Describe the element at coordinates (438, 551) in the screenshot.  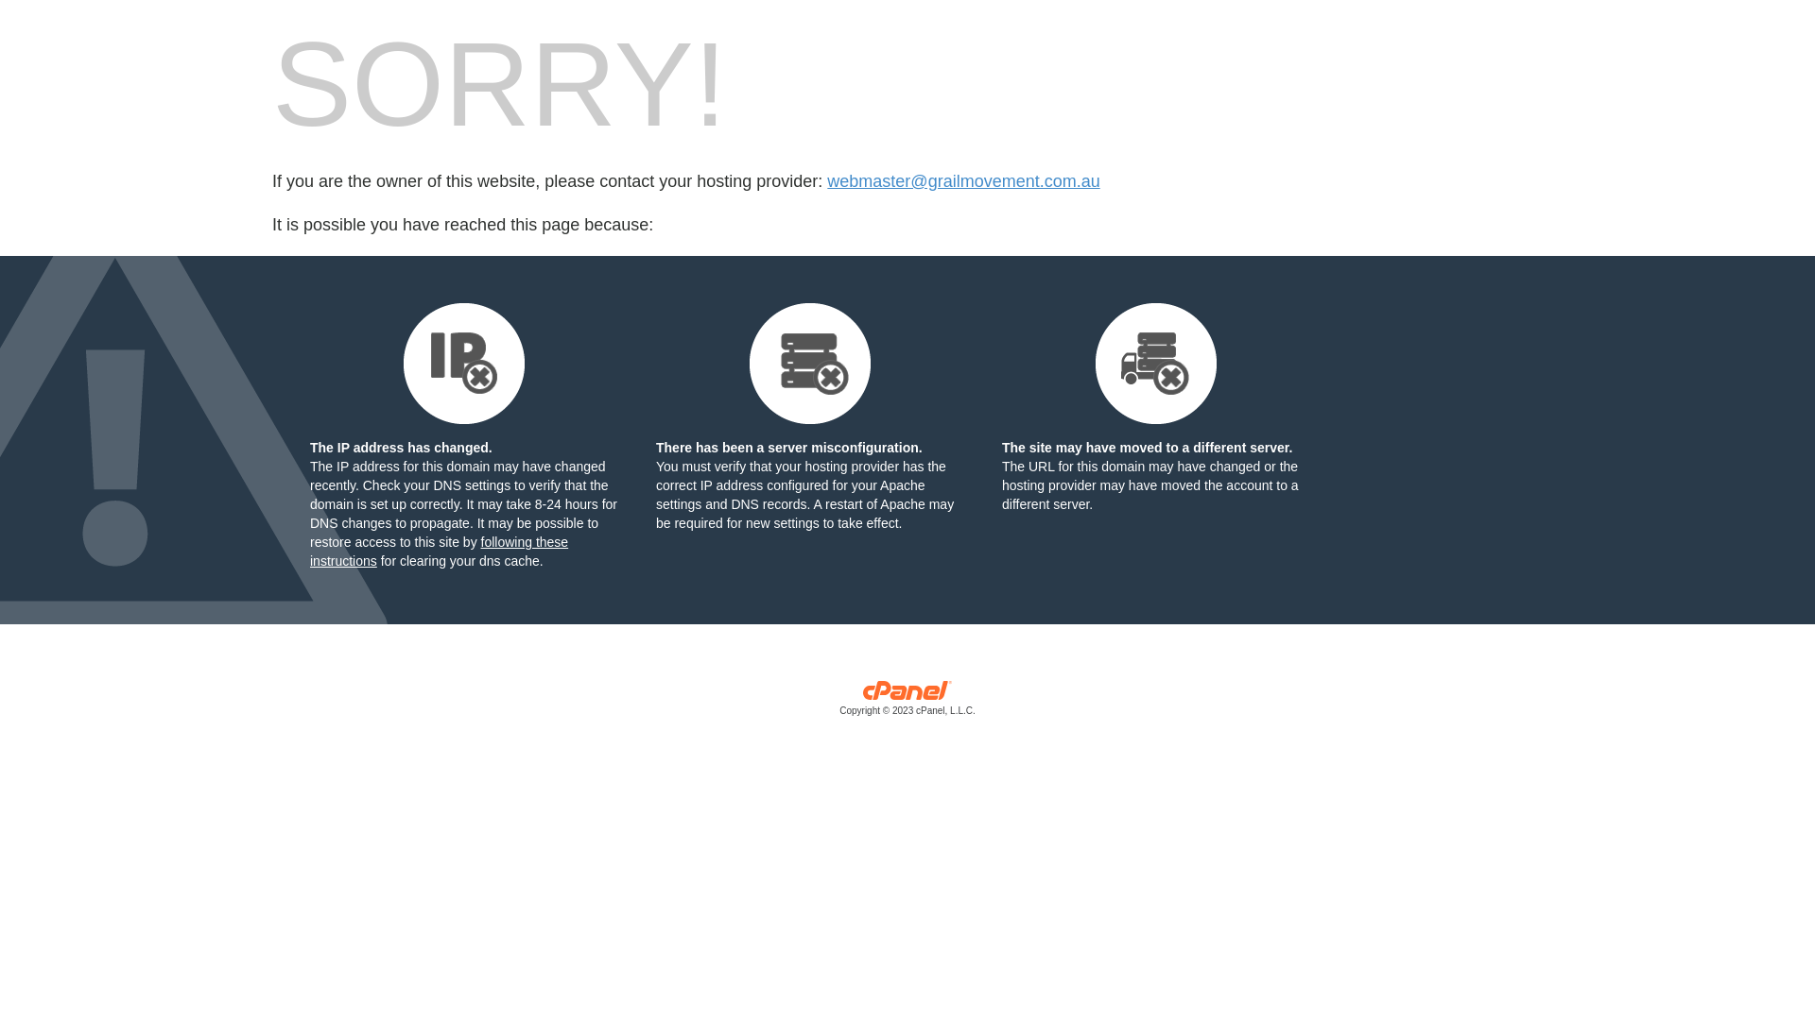
I see `'following these instructions'` at that location.